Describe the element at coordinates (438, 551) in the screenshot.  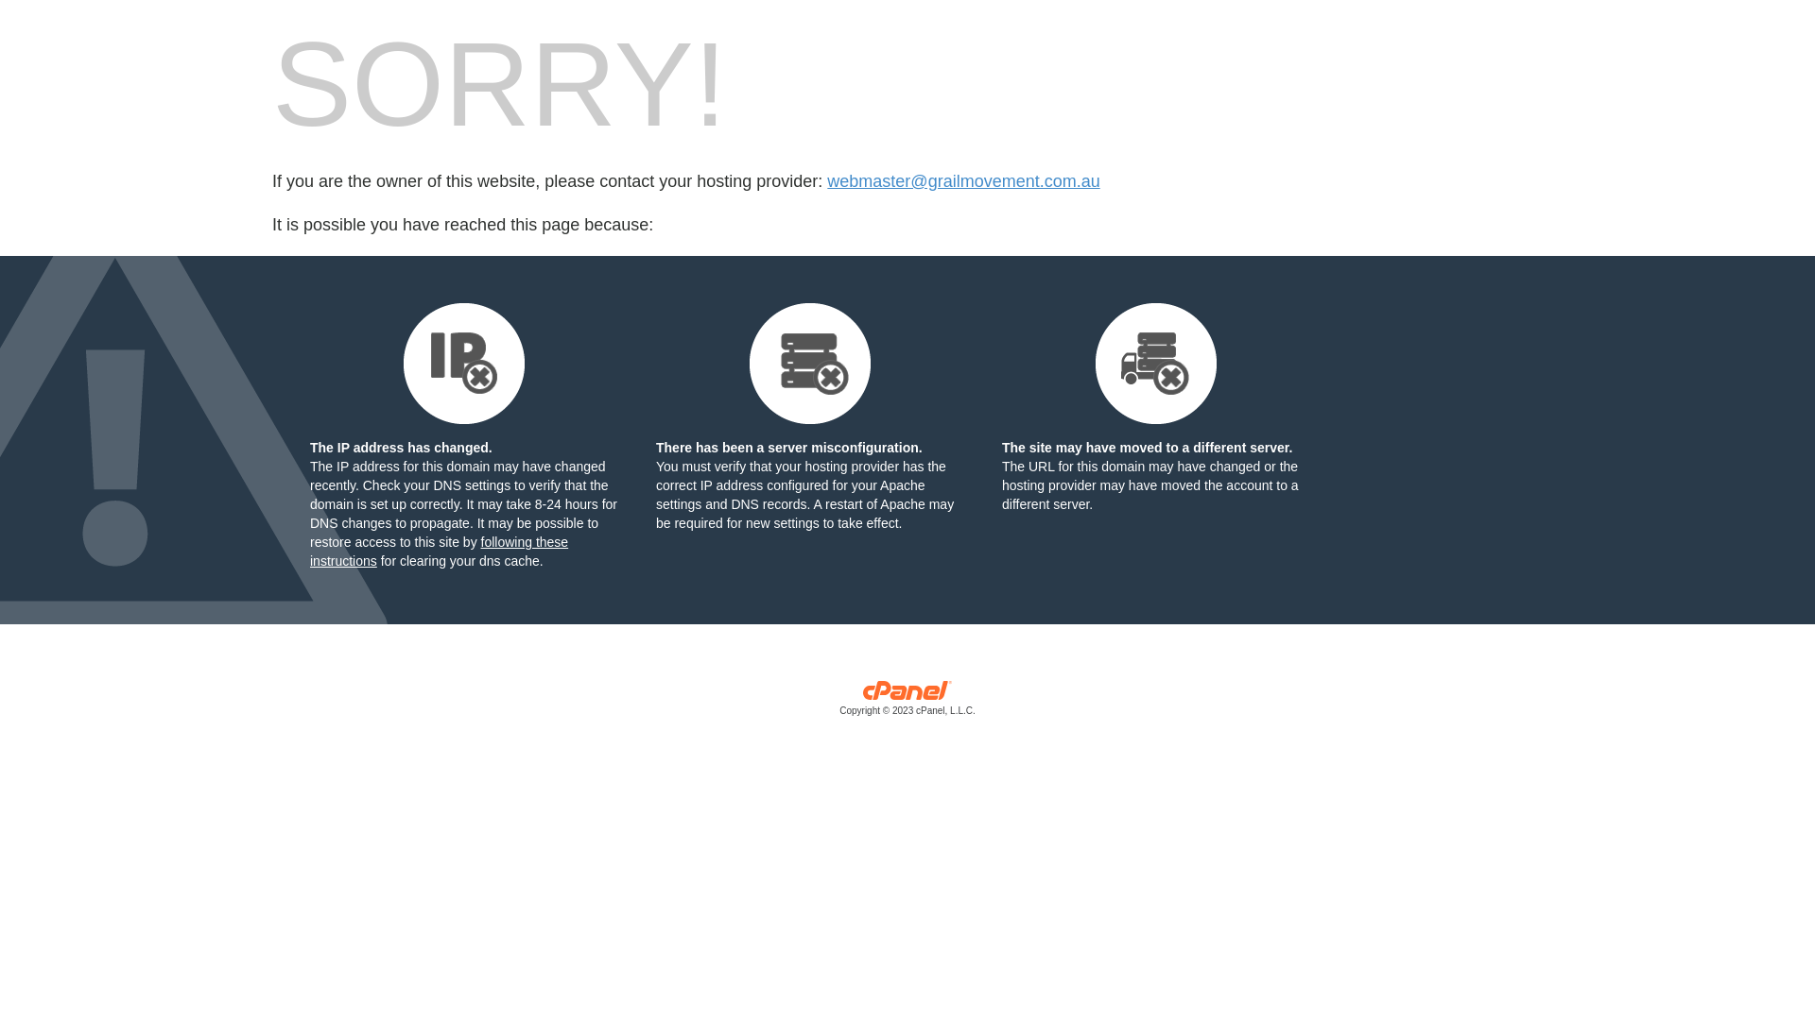
I see `'following these instructions'` at that location.